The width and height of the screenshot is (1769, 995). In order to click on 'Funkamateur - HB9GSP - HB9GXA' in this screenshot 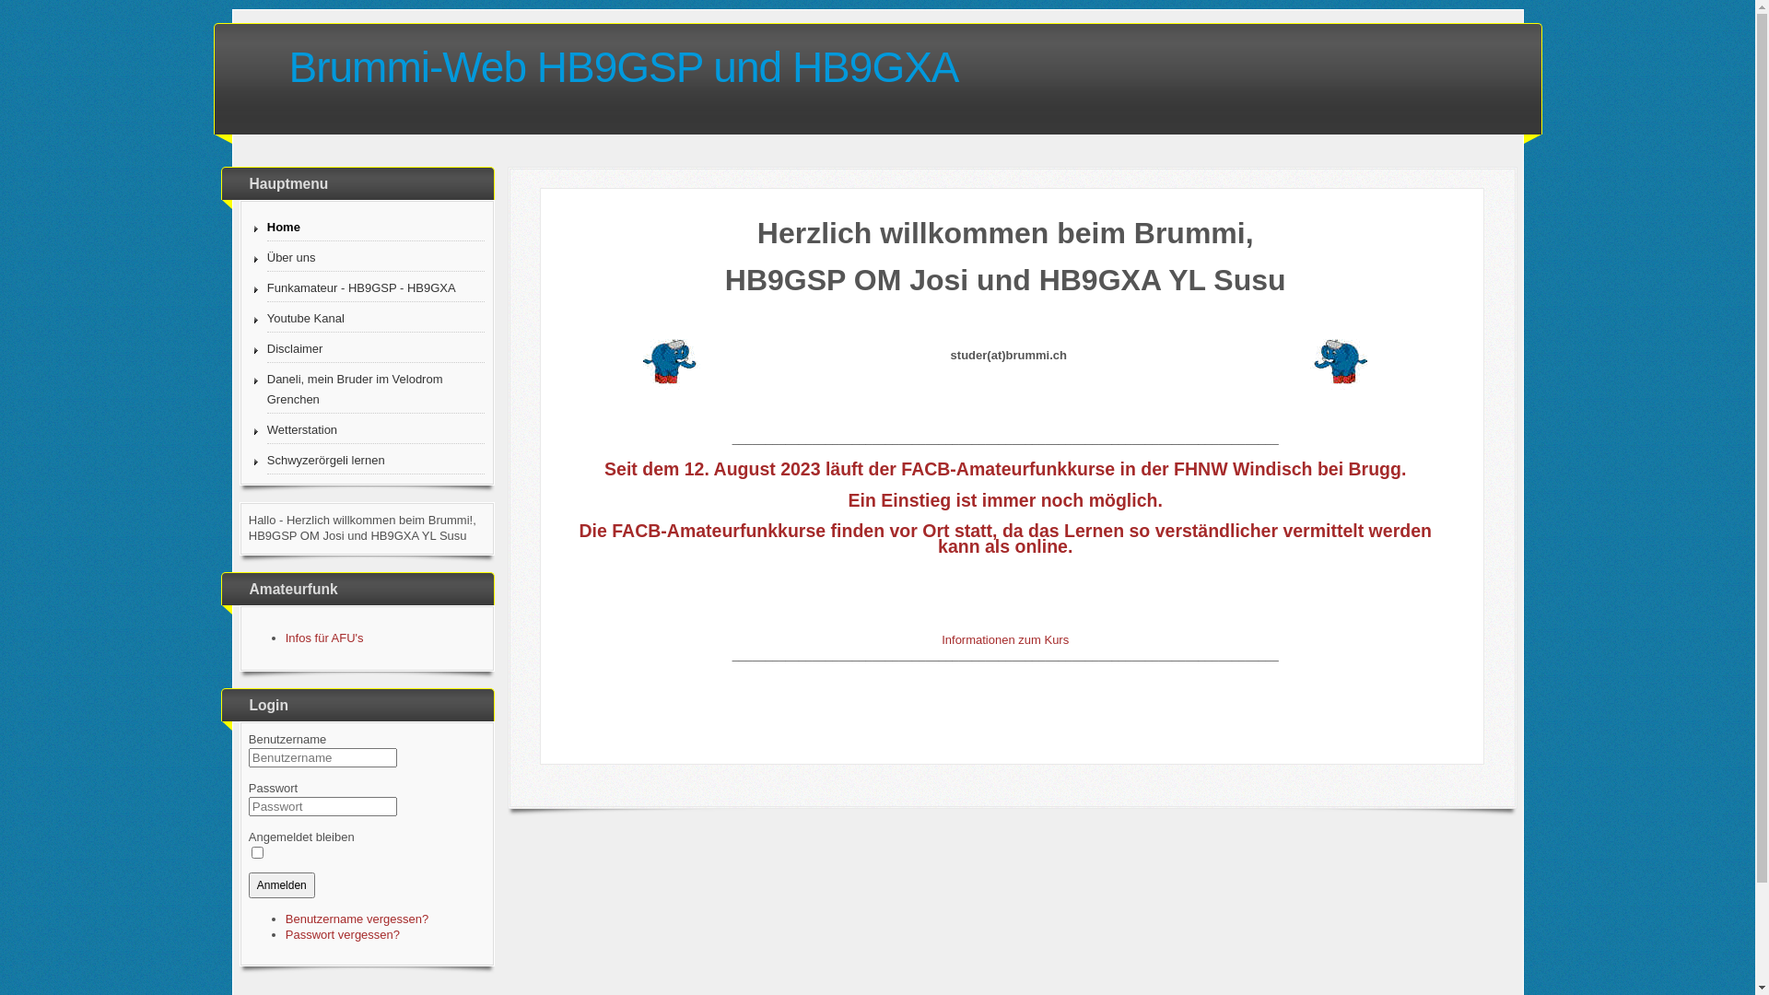, I will do `click(375, 288)`.